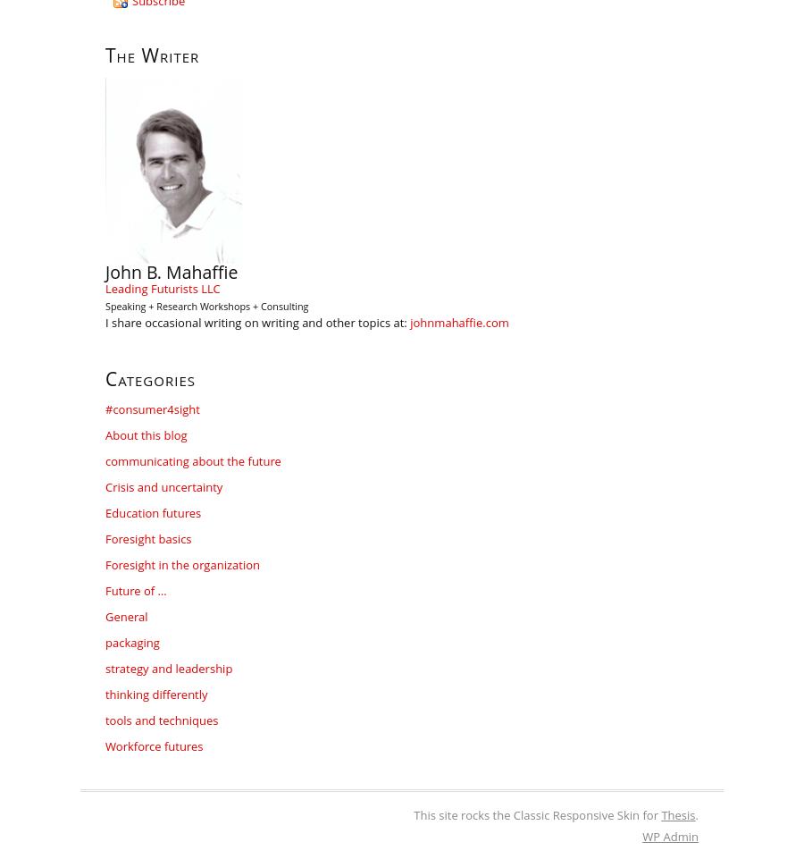 The width and height of the screenshot is (804, 859). I want to click on 'Education futures', so click(153, 512).